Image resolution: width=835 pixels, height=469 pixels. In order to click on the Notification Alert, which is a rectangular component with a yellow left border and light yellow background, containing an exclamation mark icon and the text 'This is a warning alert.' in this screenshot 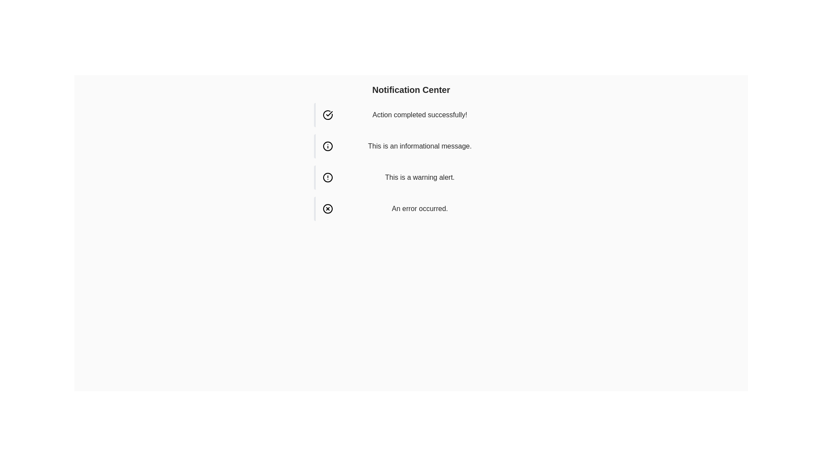, I will do `click(411, 177)`.